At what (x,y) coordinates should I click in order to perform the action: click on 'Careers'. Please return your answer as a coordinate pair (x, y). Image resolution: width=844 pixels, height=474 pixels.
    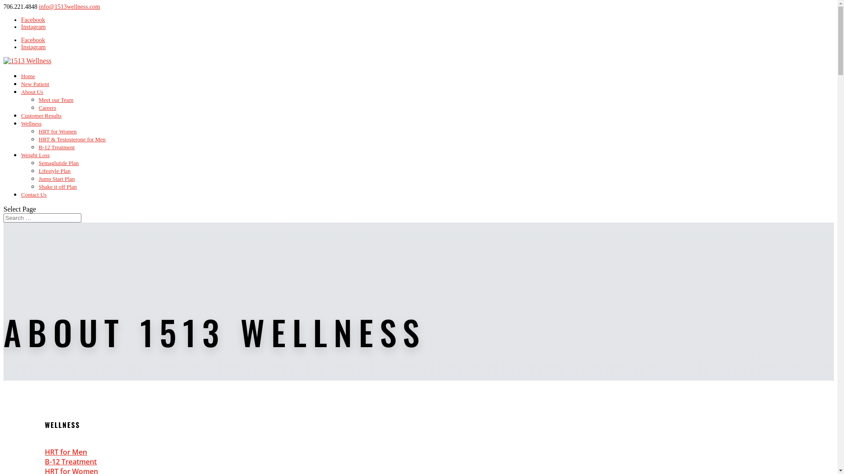
    Looking at the image, I should click on (47, 107).